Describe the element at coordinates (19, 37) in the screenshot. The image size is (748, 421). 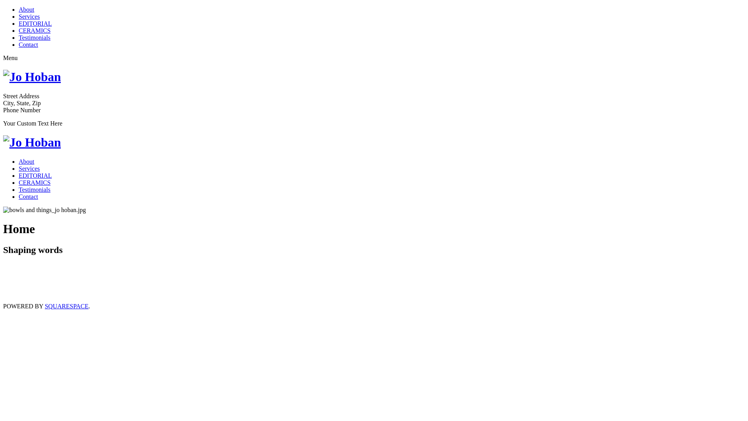
I see `'Testimonials'` at that location.